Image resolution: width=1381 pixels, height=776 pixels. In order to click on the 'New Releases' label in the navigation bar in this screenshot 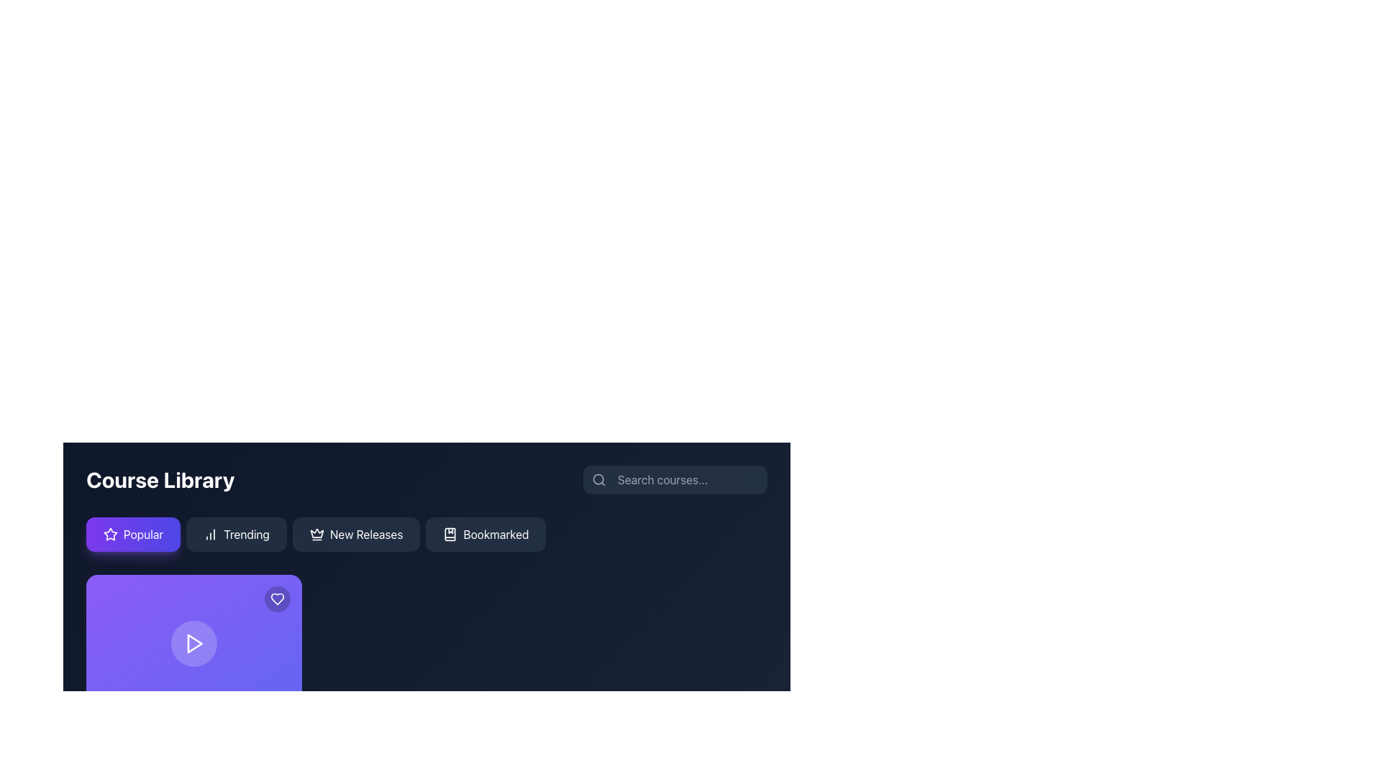, I will do `click(366, 535)`.